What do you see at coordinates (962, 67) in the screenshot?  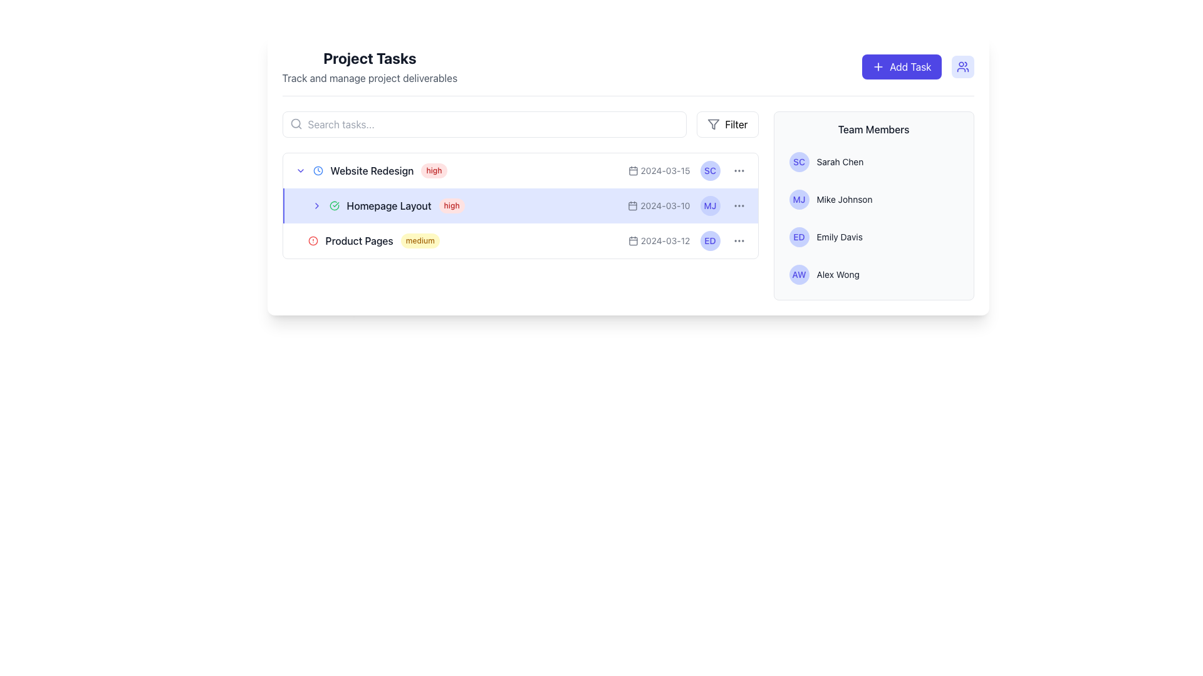 I see `the button located to the right of the 'Add Task' button in the top-right corner of the interface for tooltip or visual feedback` at bounding box center [962, 67].